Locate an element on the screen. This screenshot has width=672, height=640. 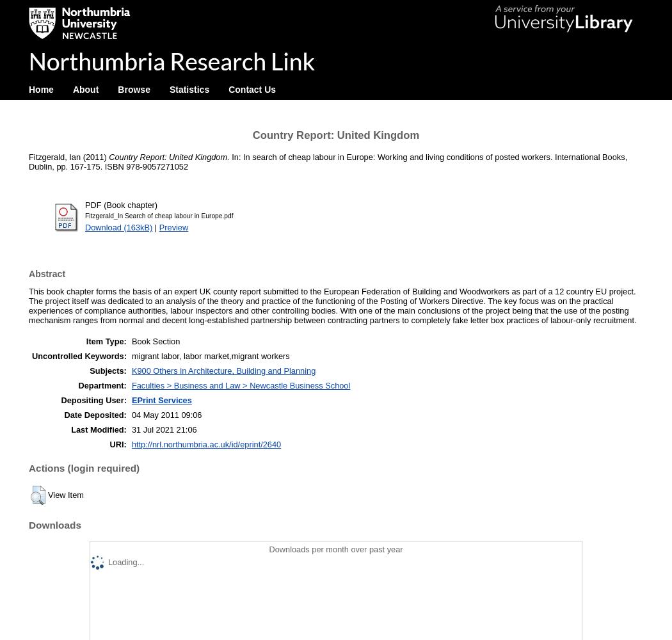
'This book chapter forms the basis of an expert UK county report submitted to the European Federation of Building and Woodworkers as part of a 12 country EU project. The project itself was dedicated to an analysis of the theory and practice of the functioning of the Posting of Workers Directive. The key focus was on the practical experiences of compliance authorities, labour inspectors and other controlling bodies. With one of the main conclusions of the project being that the use of the posting mechanism ranges from normal and decent long-established partnership between contracting partners to completely fake letter box practices of labour-only recruitment.' is located at coordinates (332, 305).